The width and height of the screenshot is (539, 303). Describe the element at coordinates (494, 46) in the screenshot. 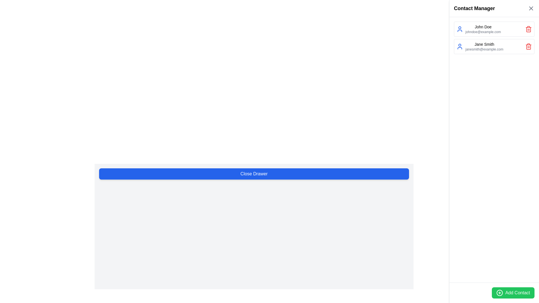

I see `the contact information card for 'Jane Smith'` at that location.